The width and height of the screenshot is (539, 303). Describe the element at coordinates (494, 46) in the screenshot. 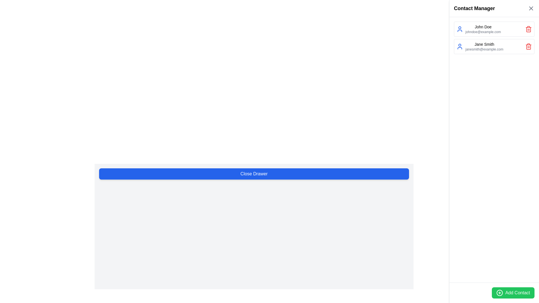

I see `the contact information card for 'Jane Smith'` at that location.